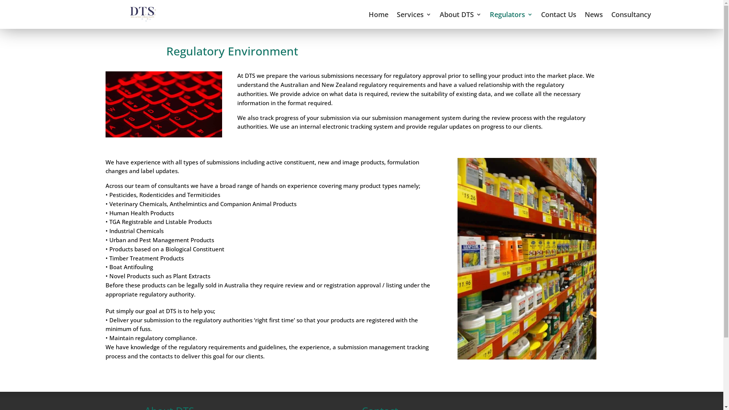 This screenshot has height=410, width=729. I want to click on 'About DTS', so click(460, 14).